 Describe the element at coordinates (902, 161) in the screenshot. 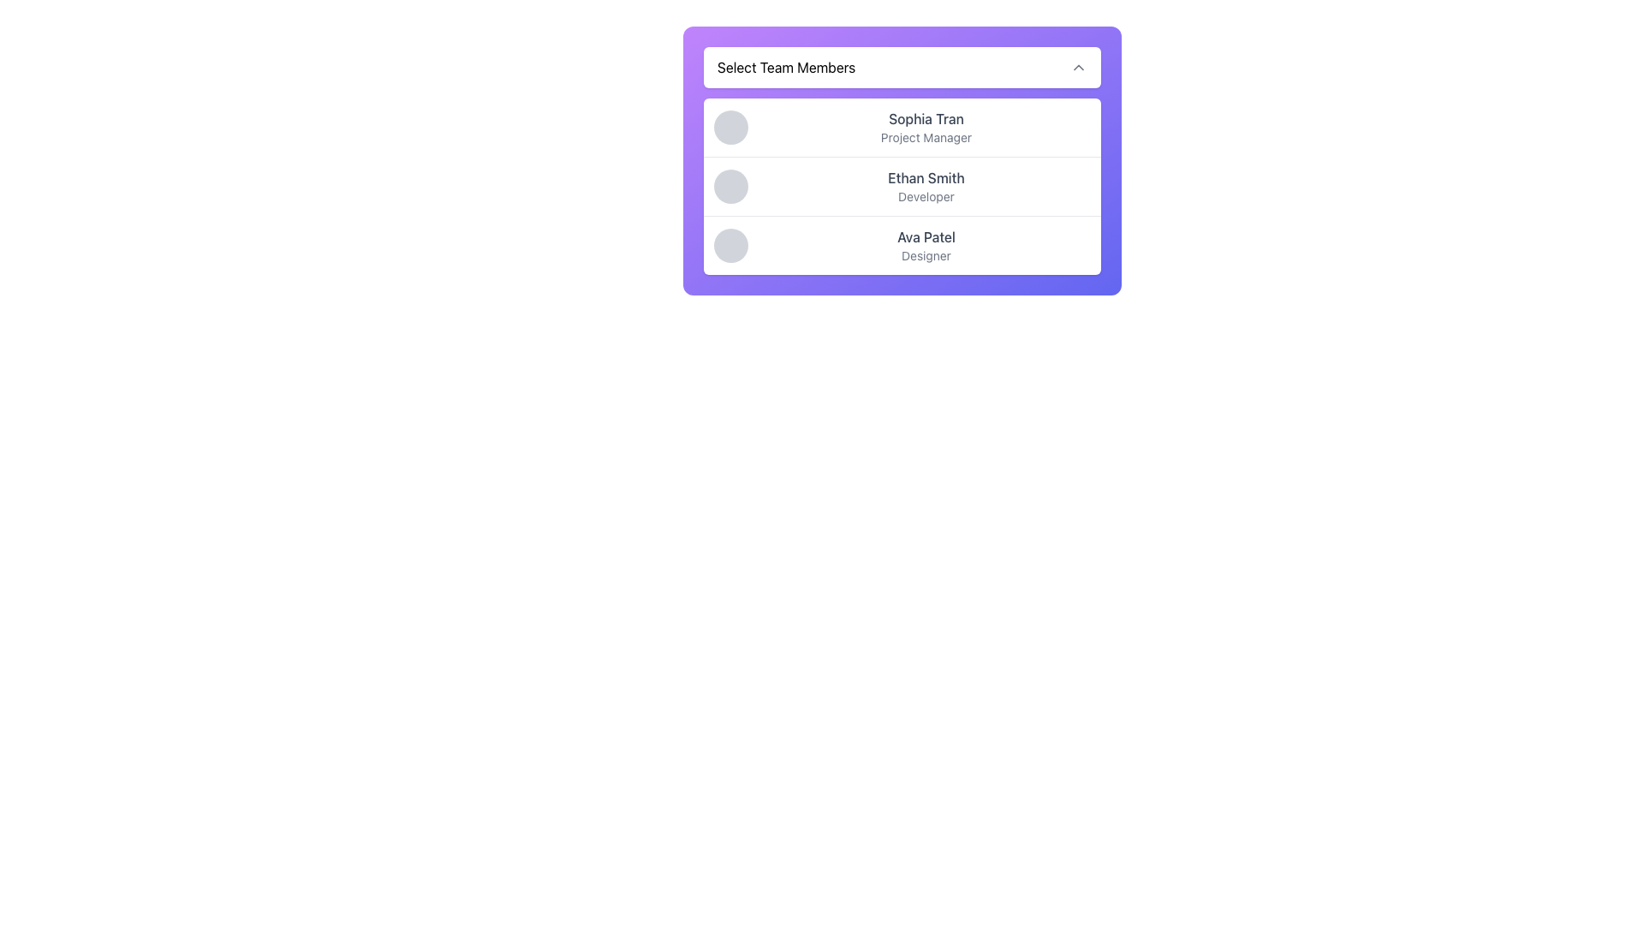

I see `the team member's card within the rectangular component that has a gradient background transitioning from purple to indigo, which contains a list of selectable items` at that location.